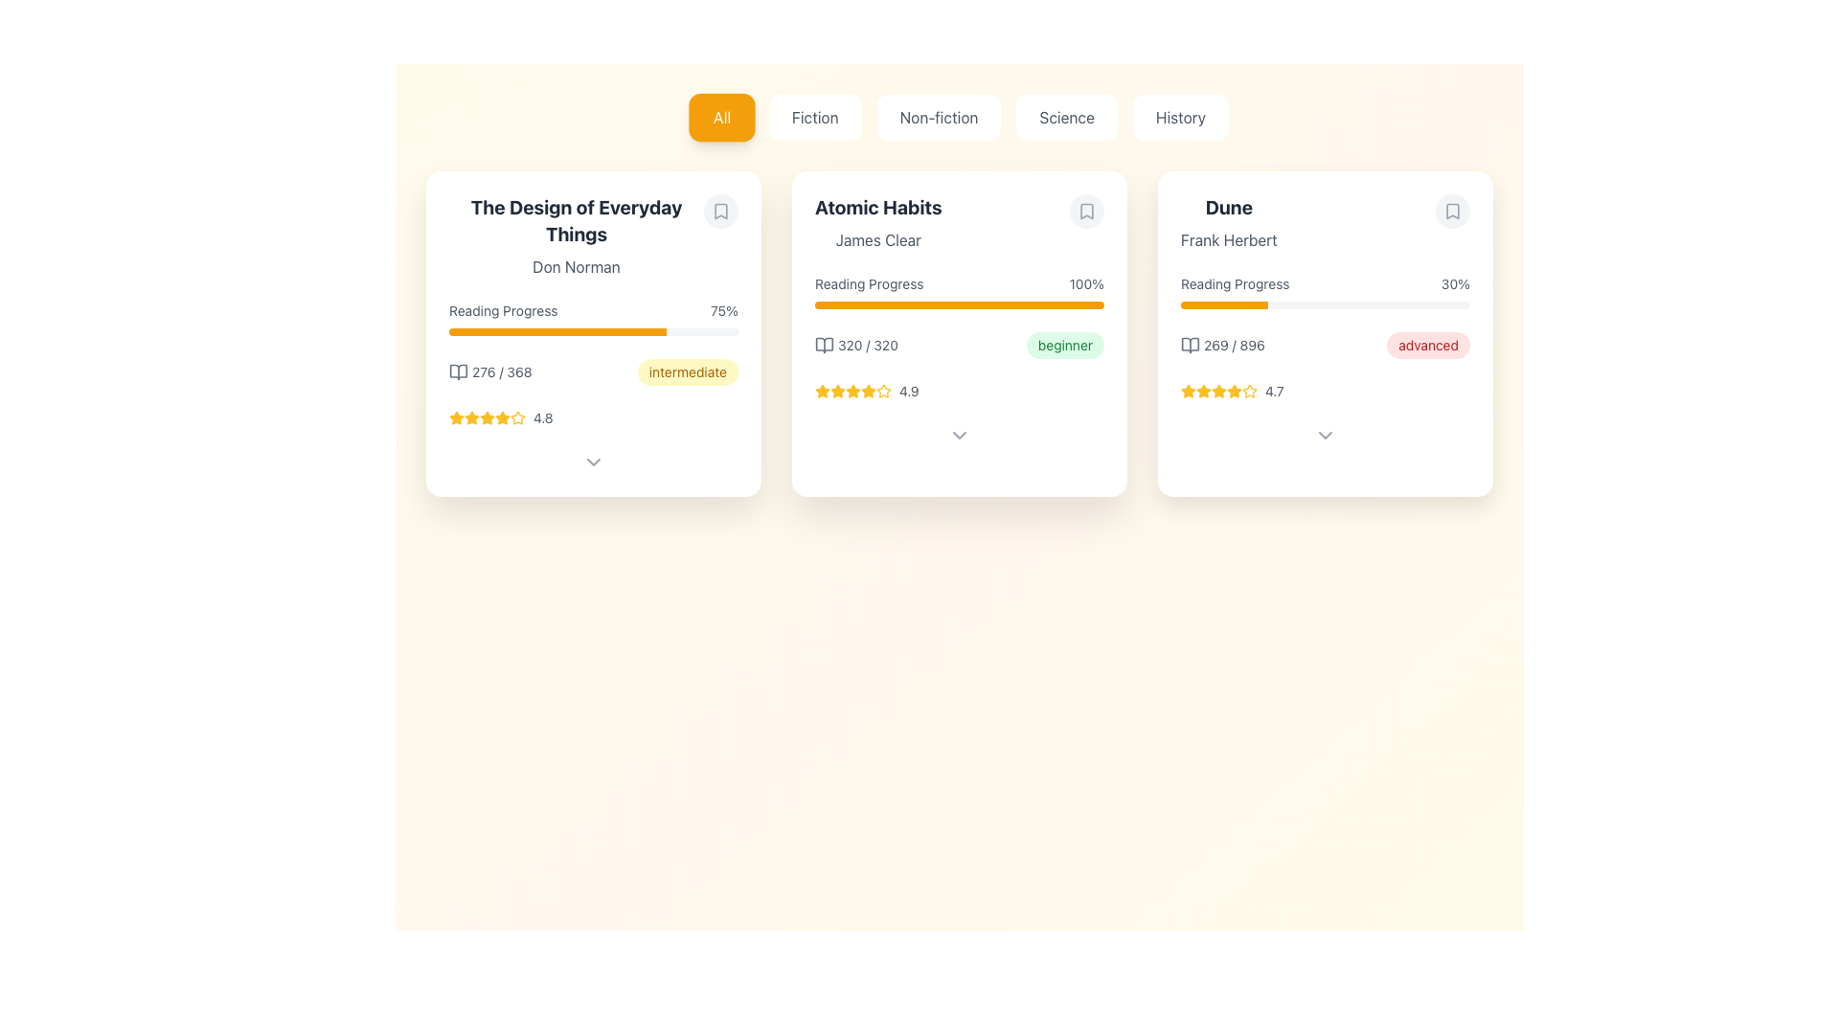 This screenshot has height=1034, width=1839. Describe the element at coordinates (1324, 390) in the screenshot. I see `rating score displayed in the Rating component for the book 'Dune', which shows a score of '4.7' and is located in the third column under the 'Advanced' label` at that location.